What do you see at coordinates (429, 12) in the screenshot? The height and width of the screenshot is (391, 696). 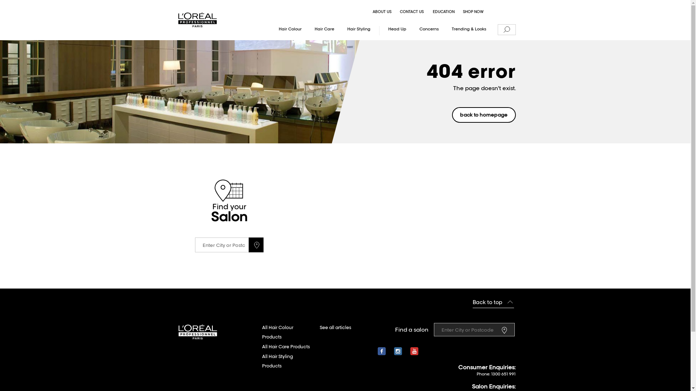 I see `'EDUCATION'` at bounding box center [429, 12].